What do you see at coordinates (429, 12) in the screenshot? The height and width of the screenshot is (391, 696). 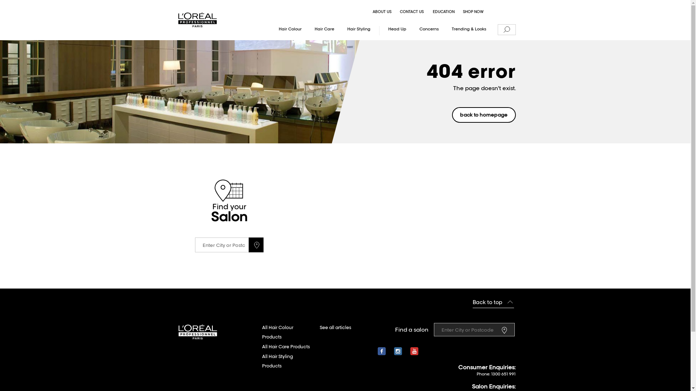 I see `'EDUCATION'` at bounding box center [429, 12].